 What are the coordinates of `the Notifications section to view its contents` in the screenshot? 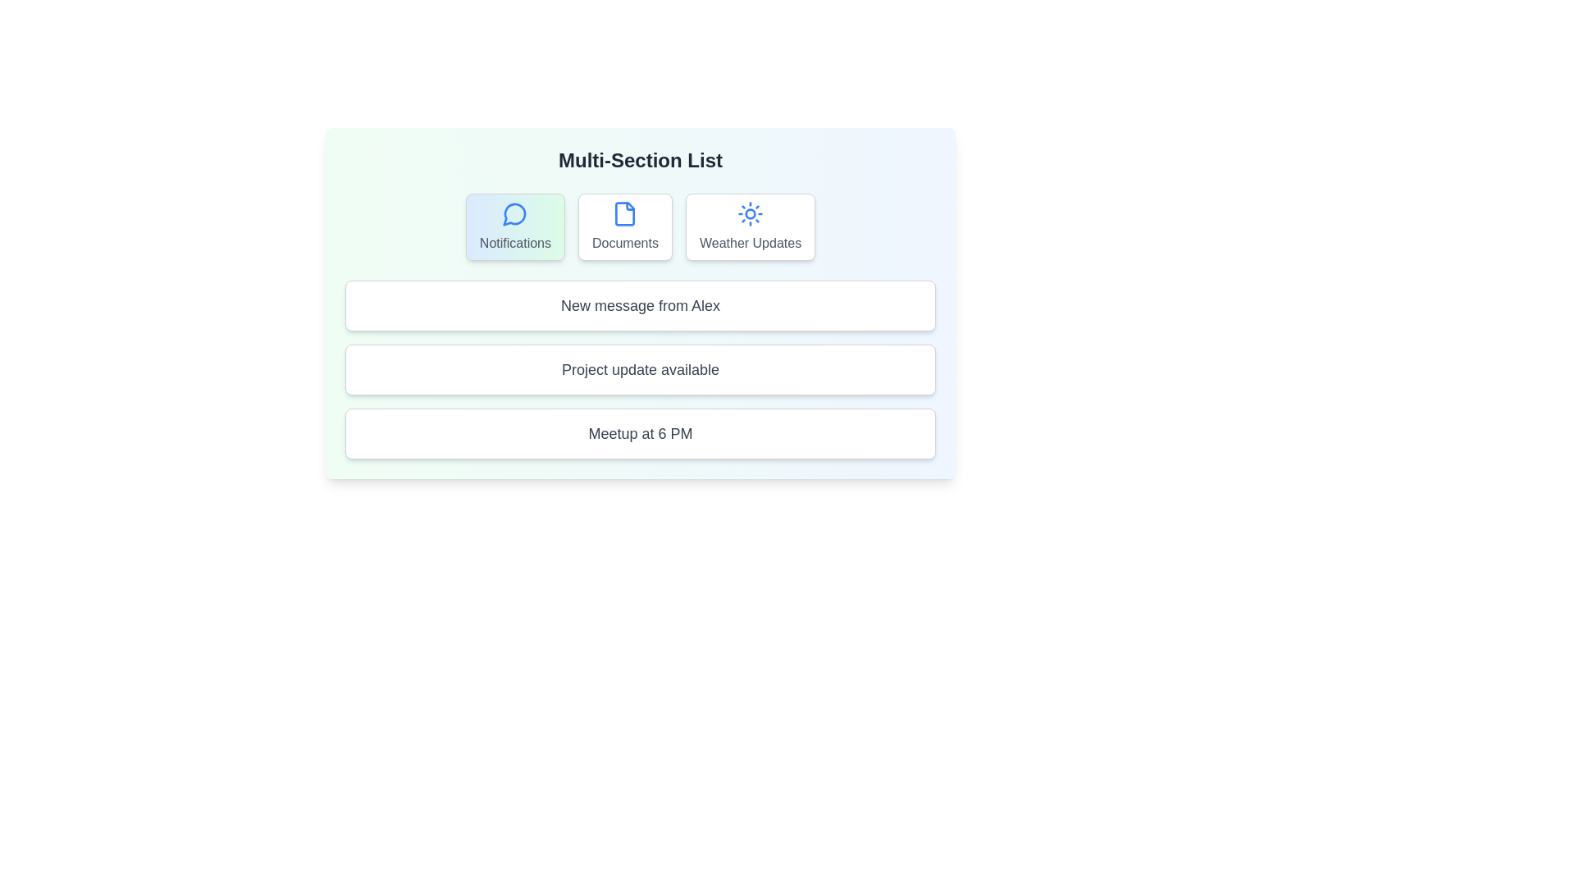 It's located at (514, 227).